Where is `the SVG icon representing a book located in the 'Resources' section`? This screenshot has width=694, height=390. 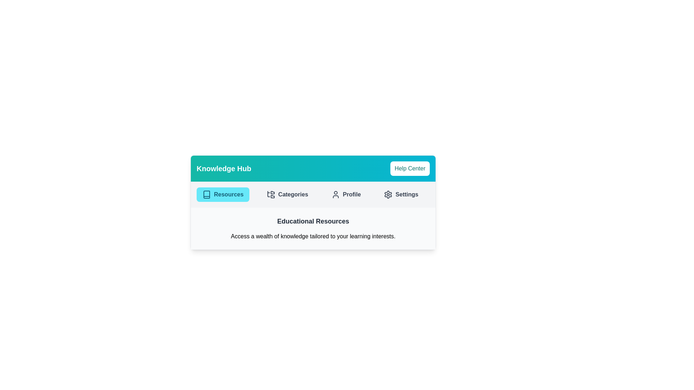 the SVG icon representing a book located in the 'Resources' section is located at coordinates (206, 194).